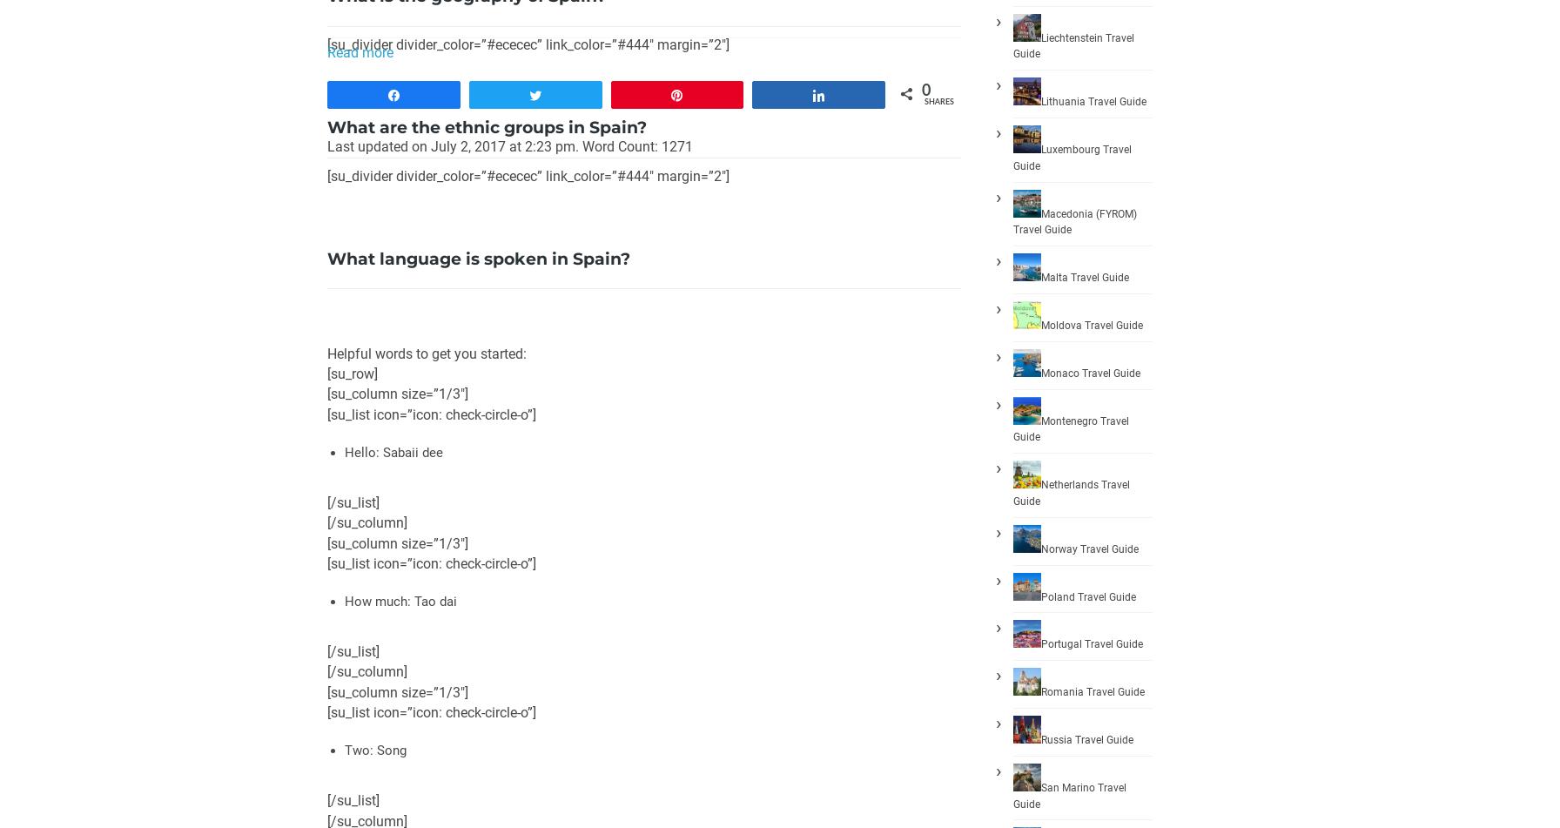 The height and width of the screenshot is (828, 1560). I want to click on 'Liechtenstein Travel Guide', so click(1073, 45).